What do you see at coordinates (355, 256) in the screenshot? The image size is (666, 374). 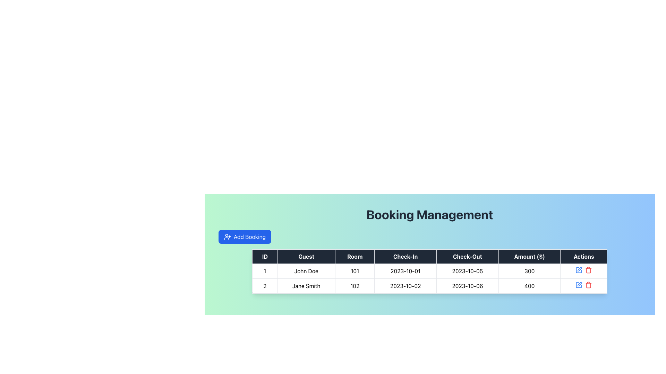 I see `the Table Header Cell for the 'Room' column, which is the third cell in the header row, positioned between 'Guest' and 'Check-In'` at bounding box center [355, 256].